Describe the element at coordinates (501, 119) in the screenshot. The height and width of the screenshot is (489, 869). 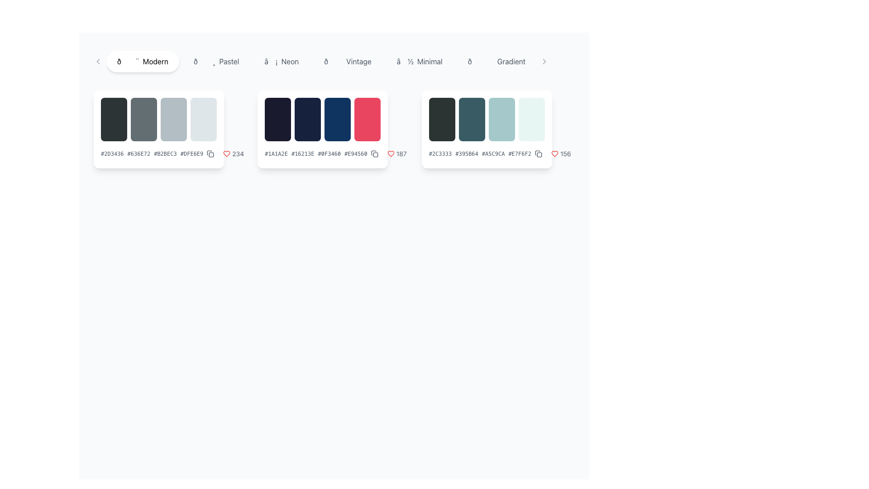
I see `the third color swatch in the palette, which is visually represented among four rectangular elements and is positioned between two darker colors and one lighter color` at that location.